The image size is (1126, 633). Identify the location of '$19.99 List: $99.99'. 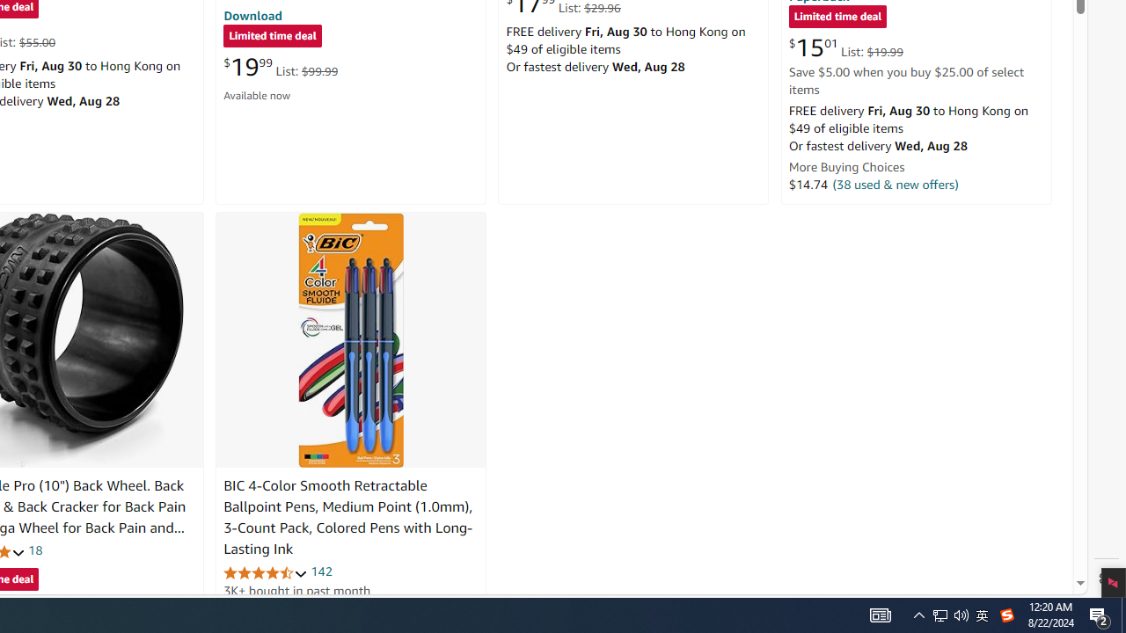
(280, 66).